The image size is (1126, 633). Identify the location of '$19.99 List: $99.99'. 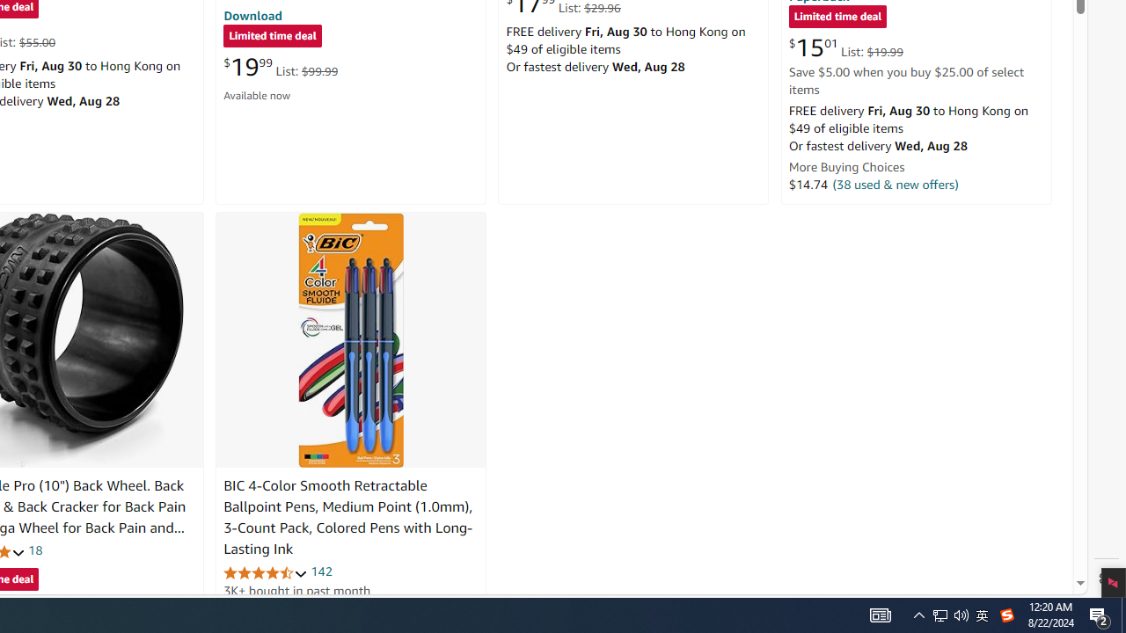
(280, 66).